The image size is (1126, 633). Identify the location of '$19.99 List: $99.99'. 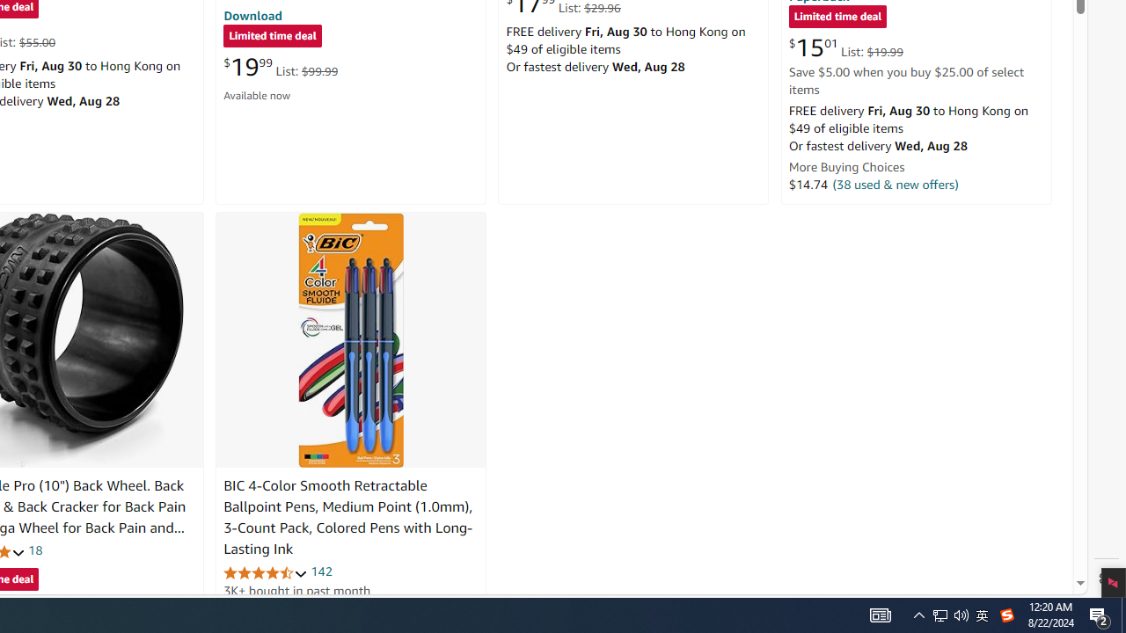
(280, 66).